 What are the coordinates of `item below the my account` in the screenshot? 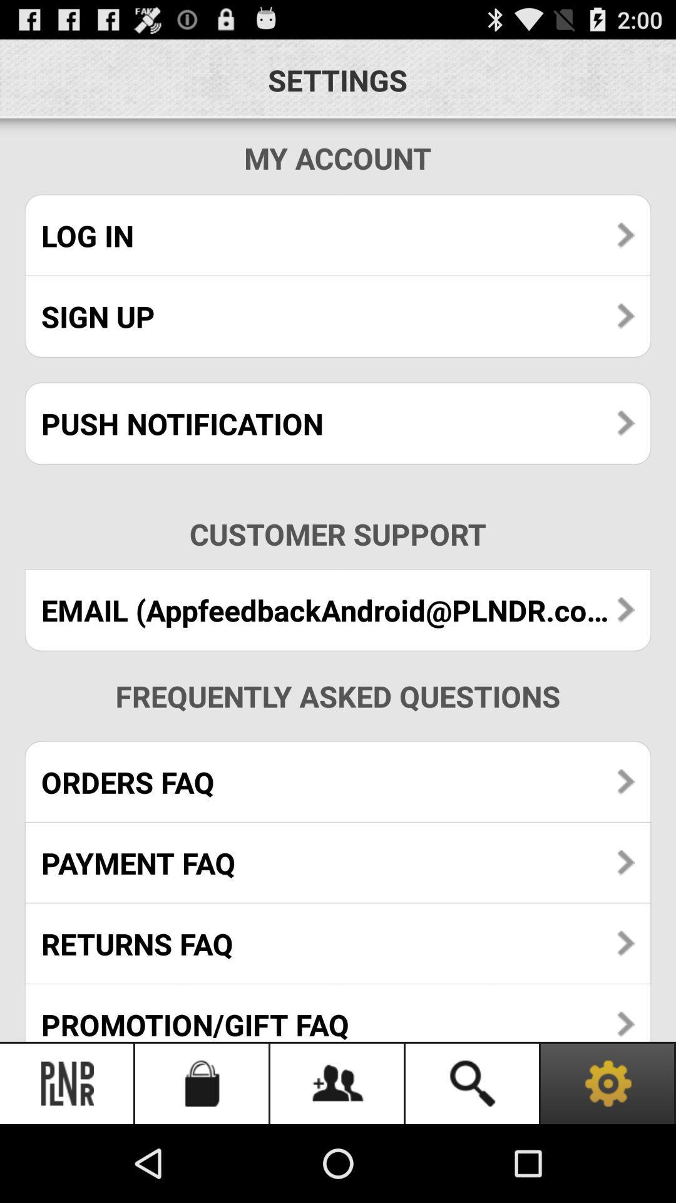 It's located at (338, 236).